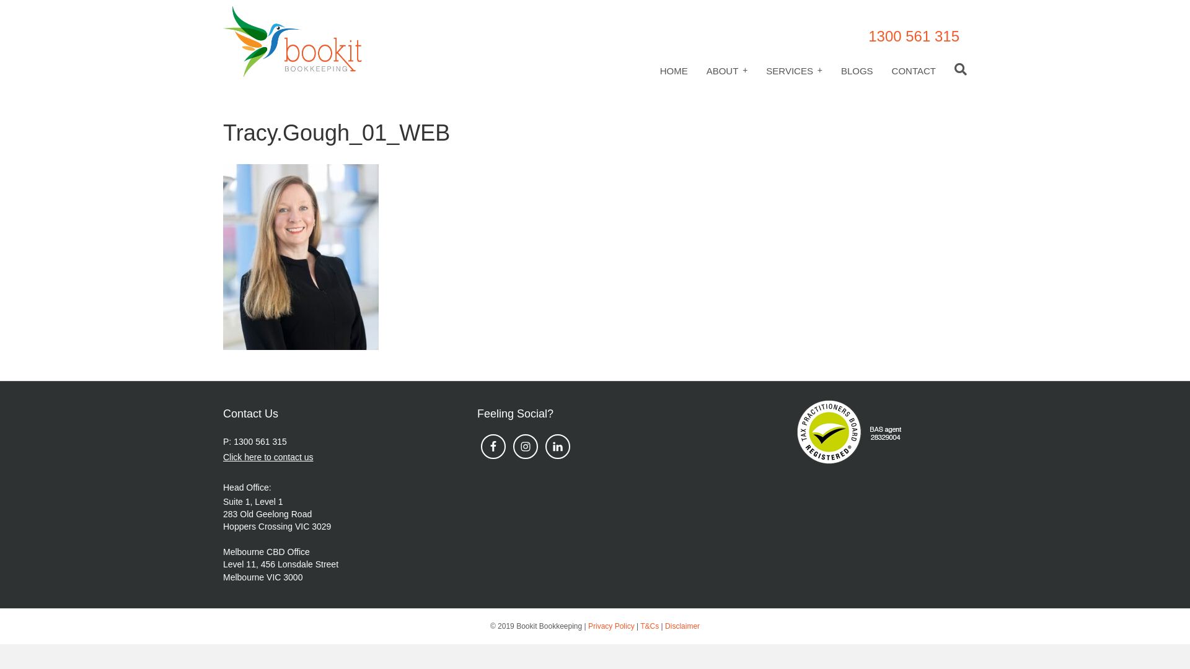  What do you see at coordinates (648, 626) in the screenshot?
I see `'T&Cs'` at bounding box center [648, 626].